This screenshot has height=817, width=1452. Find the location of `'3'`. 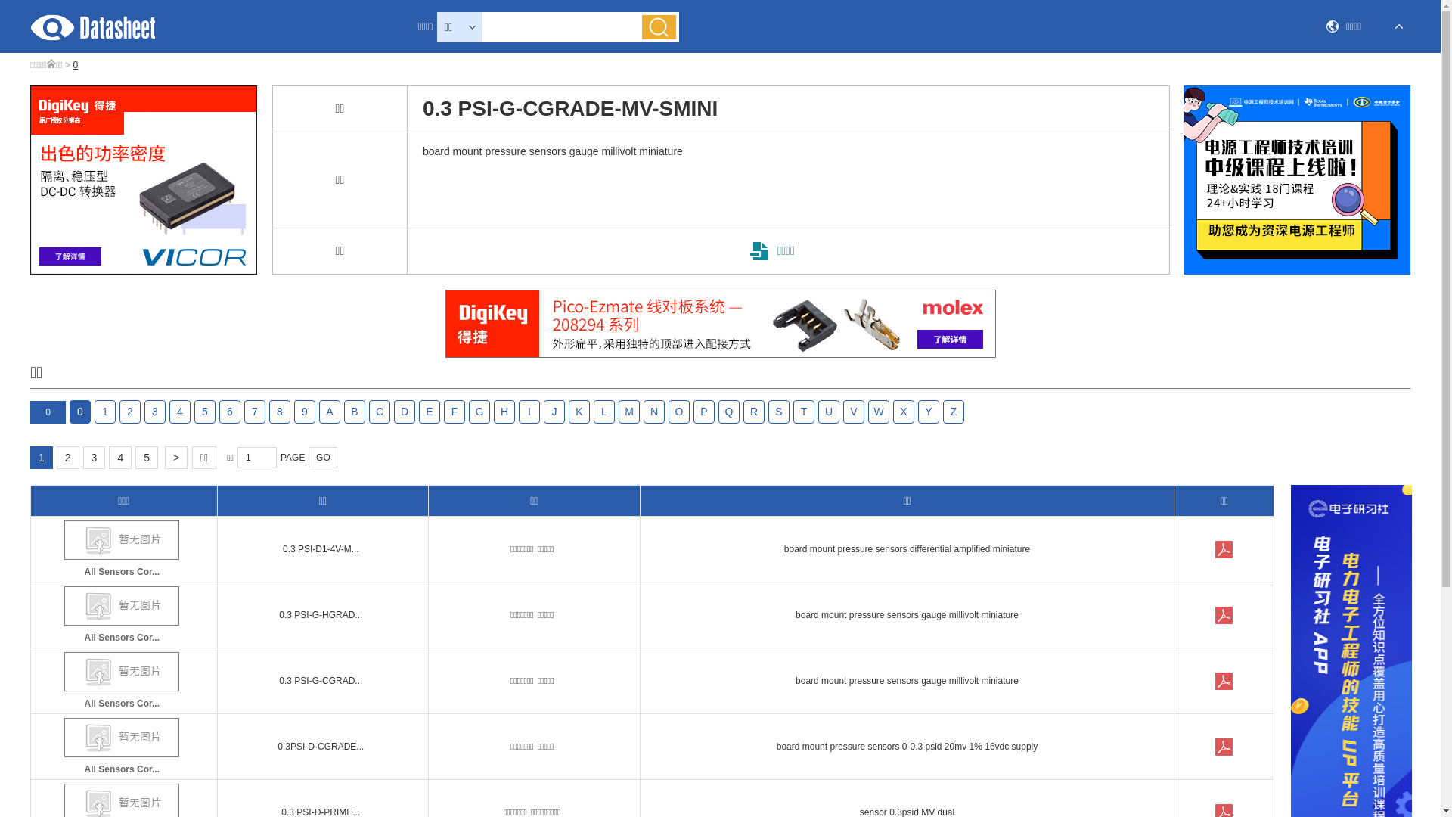

'3' is located at coordinates (82, 457).